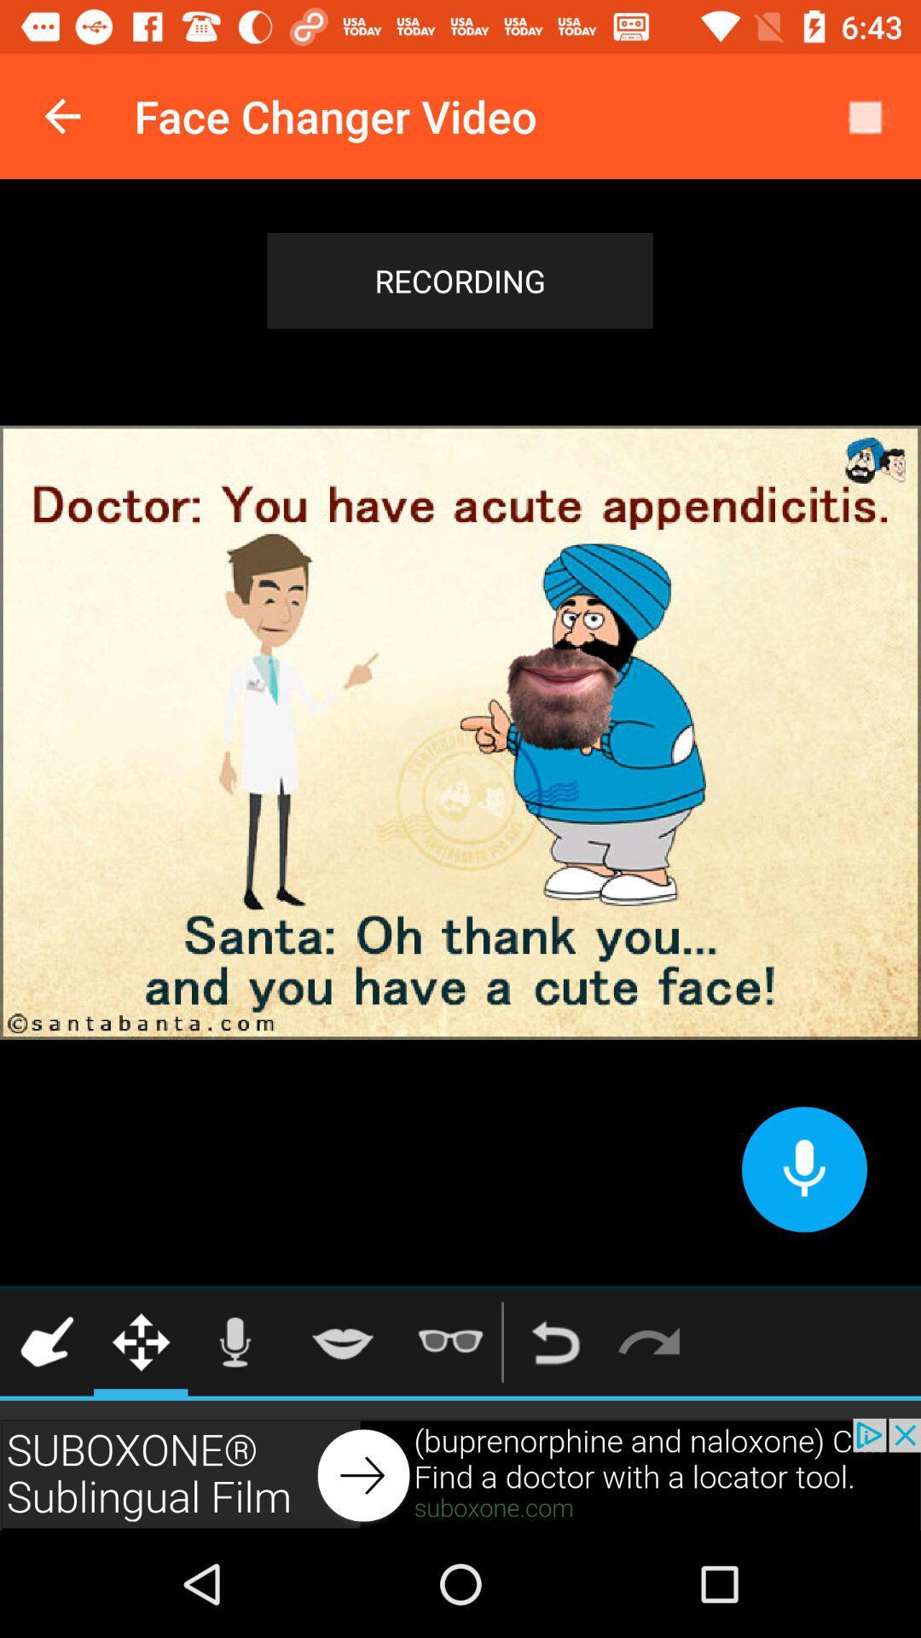  I want to click on the redo icon, so click(649, 1341).